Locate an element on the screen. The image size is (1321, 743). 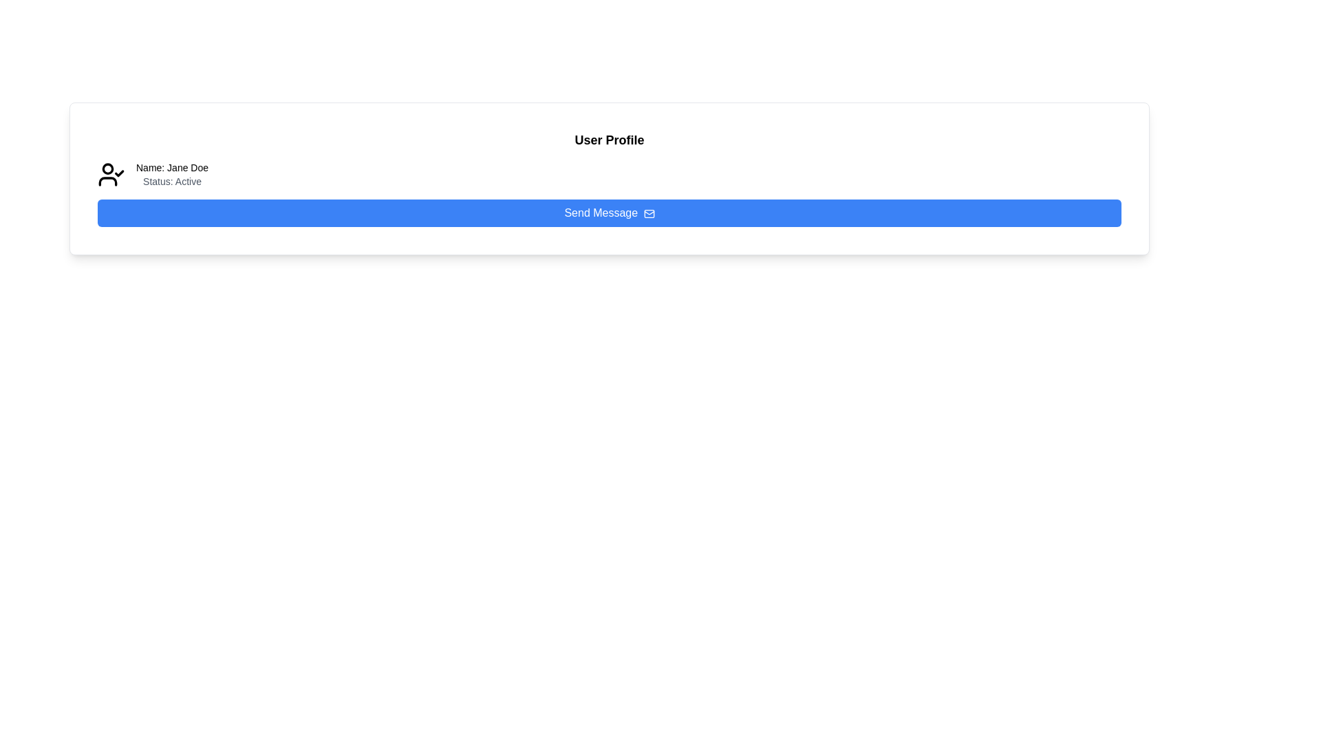
the user name text label located in the upper-left corner of the user profile detail section, above the 'Status: Active' label is located at coordinates (171, 166).